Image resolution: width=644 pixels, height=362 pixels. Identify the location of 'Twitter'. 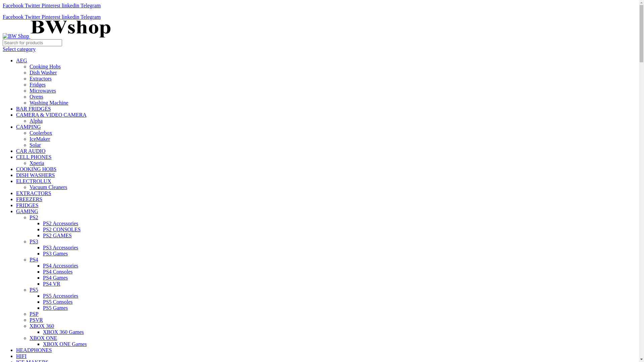
(24, 5).